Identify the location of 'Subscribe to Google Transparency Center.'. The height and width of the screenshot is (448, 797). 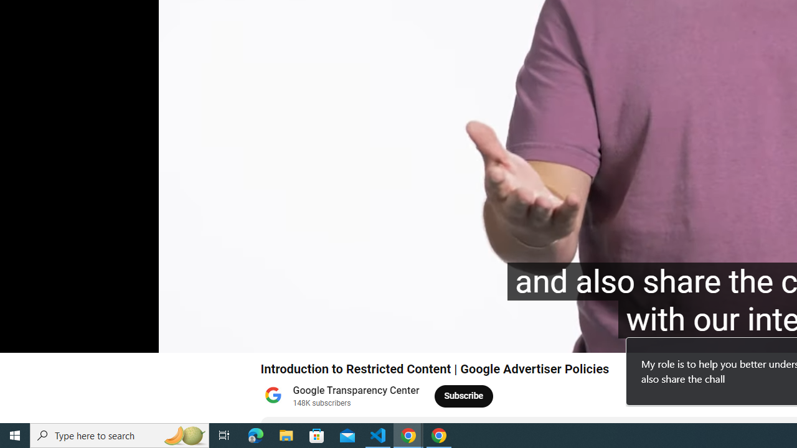
(463, 396).